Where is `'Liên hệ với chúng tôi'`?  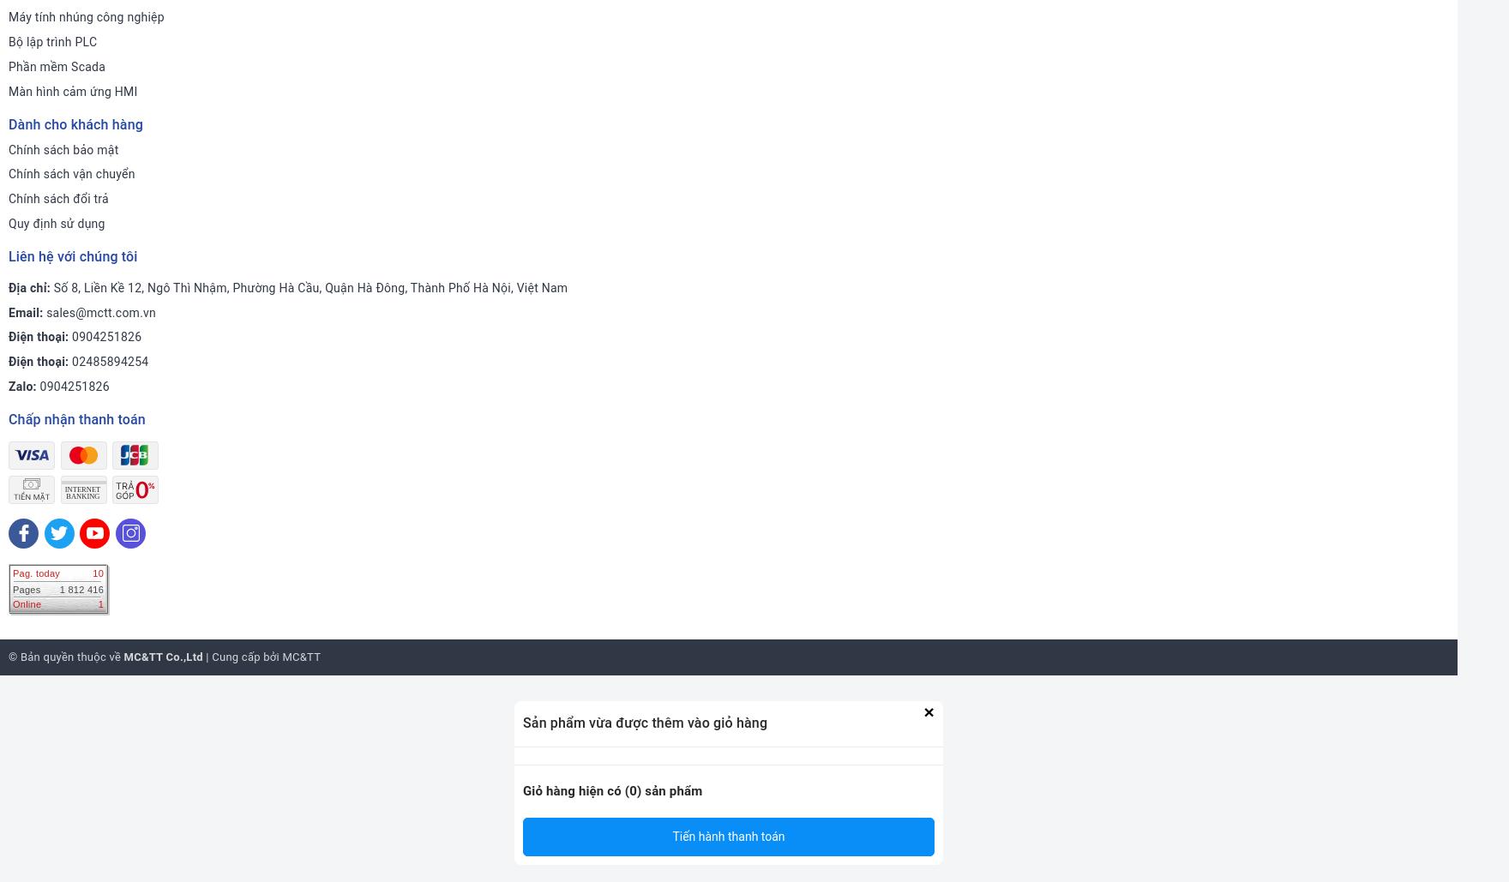 'Liên hệ với chúng tôi' is located at coordinates (9, 255).